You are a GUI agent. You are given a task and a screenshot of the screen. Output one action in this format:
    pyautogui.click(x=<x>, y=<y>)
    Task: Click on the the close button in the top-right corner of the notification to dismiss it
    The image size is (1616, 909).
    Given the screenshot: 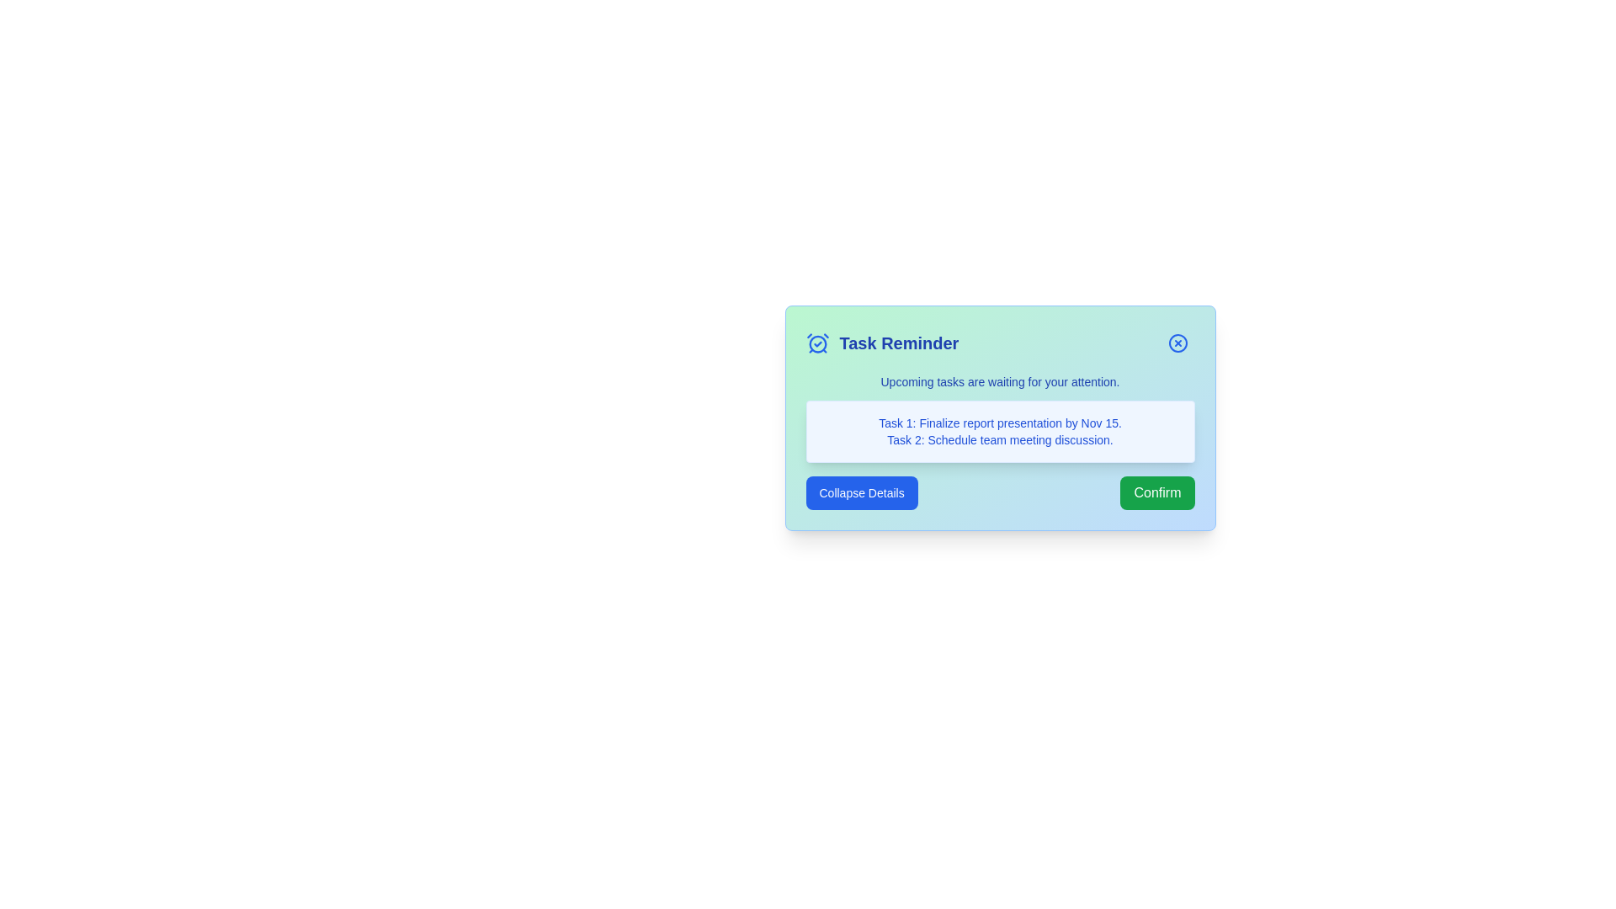 What is the action you would take?
    pyautogui.click(x=1177, y=343)
    